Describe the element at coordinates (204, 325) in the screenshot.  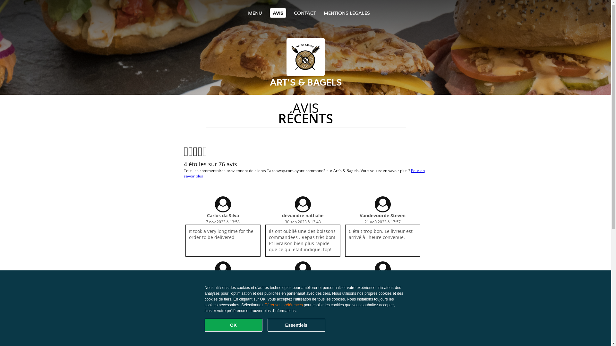
I see `'OK'` at that location.